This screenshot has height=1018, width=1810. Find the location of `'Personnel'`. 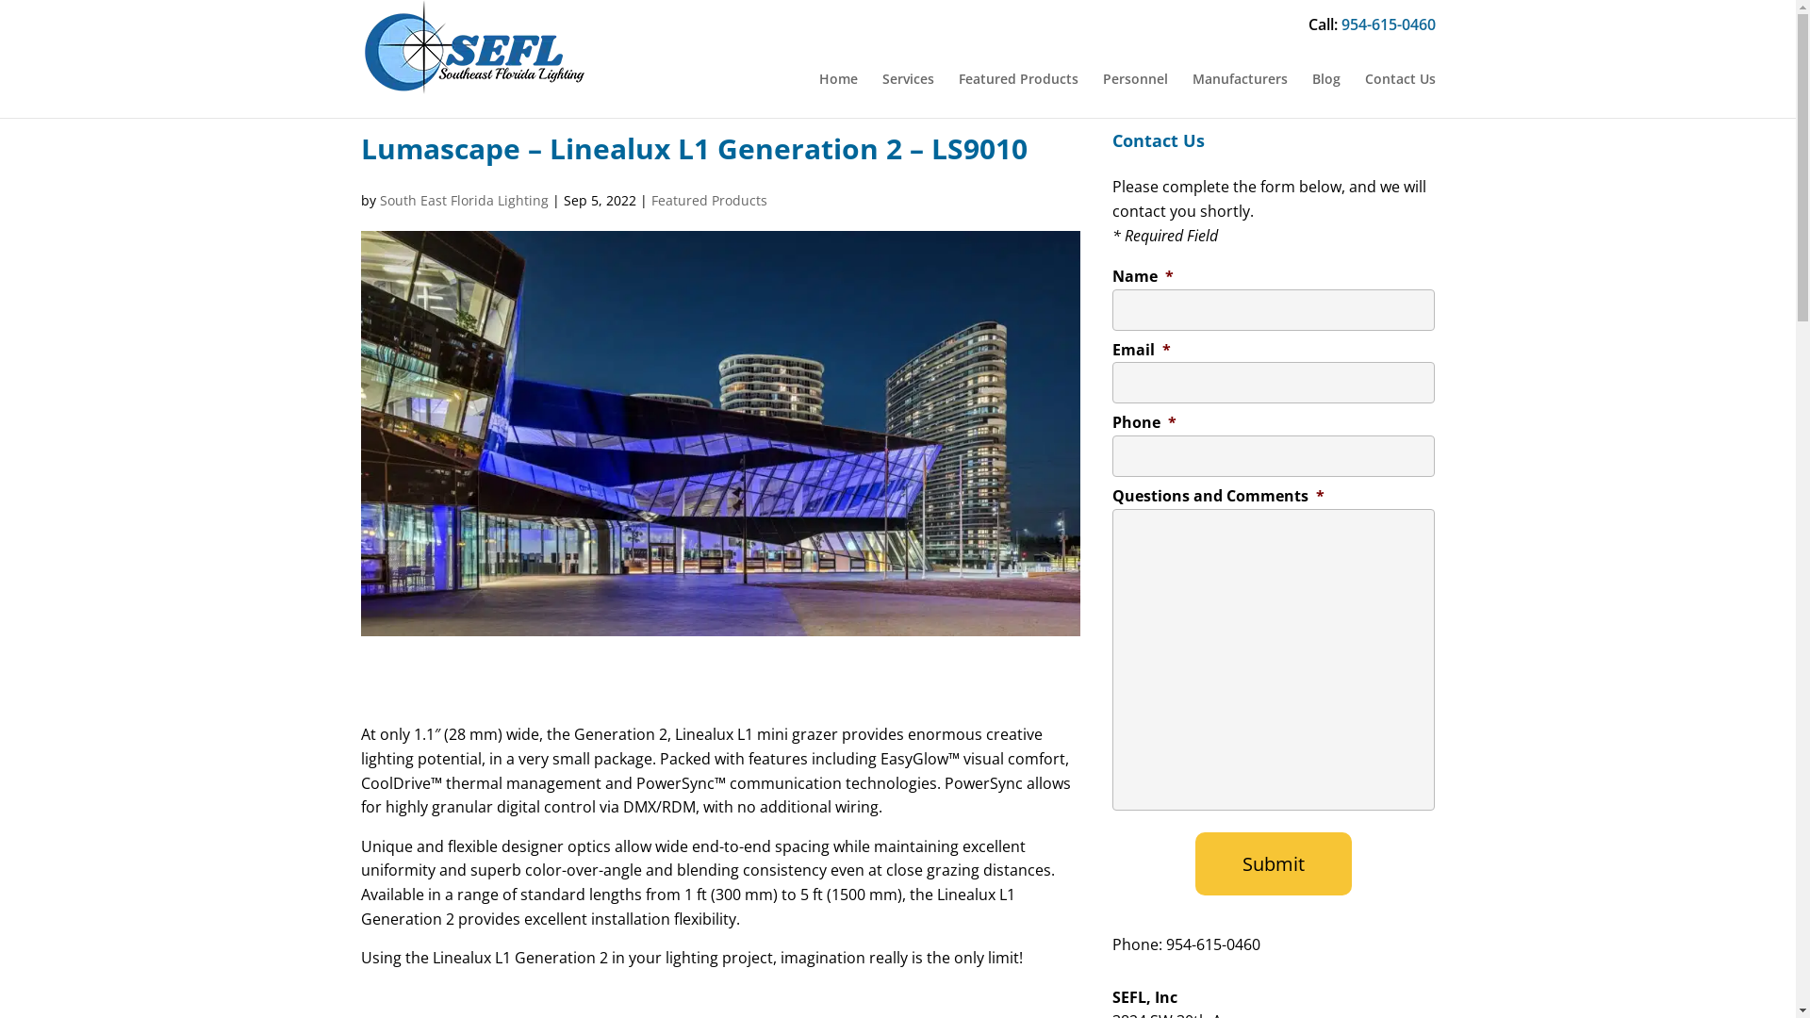

'Personnel' is located at coordinates (1134, 78).